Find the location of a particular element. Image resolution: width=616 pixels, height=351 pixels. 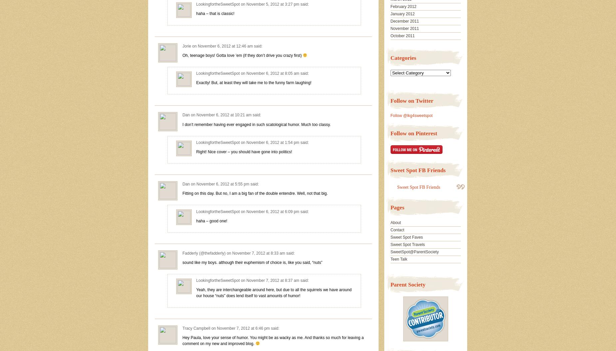

'November 7, 2012 at 8:37 am' is located at coordinates (246, 280).